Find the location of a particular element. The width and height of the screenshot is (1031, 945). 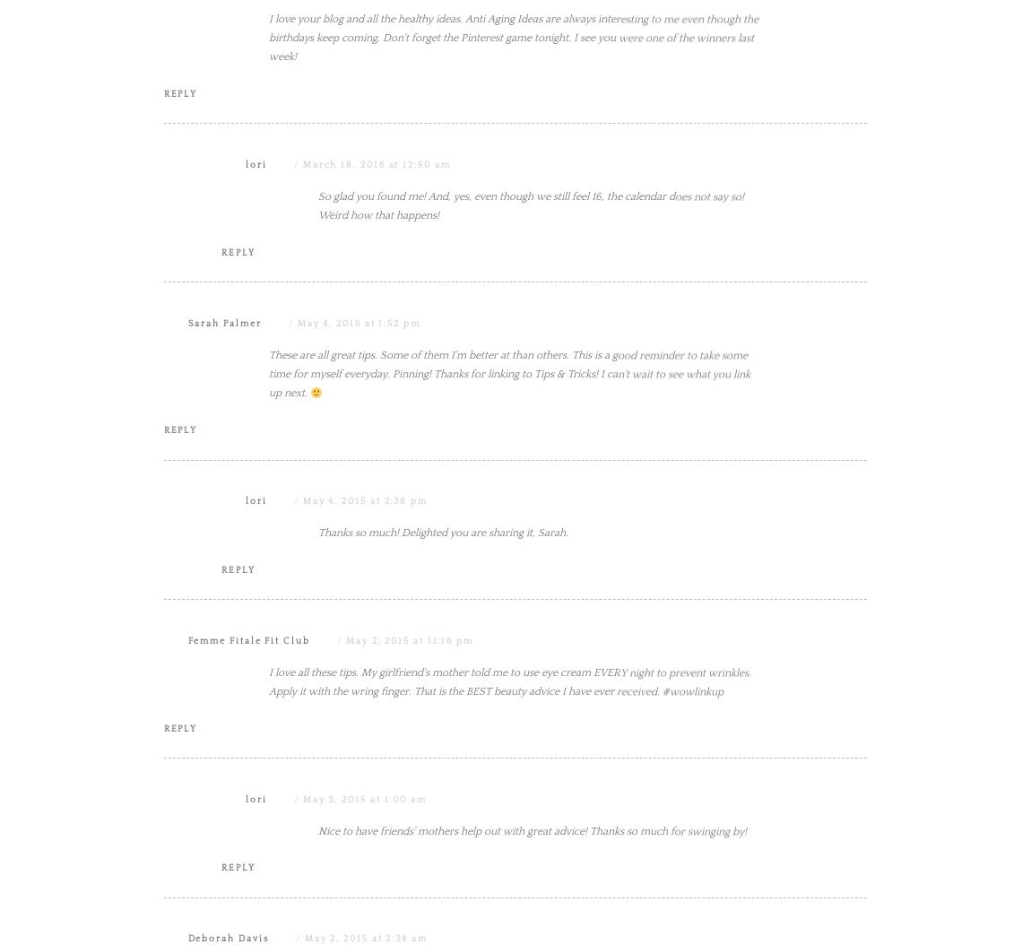

'I love all these tips.  My girlfriend's mother told me to use eye cream EVERY night to prevent wrinkles.  Apply it with the wring finger.  That is the BEST beauty advice I have ever received.  #wowlinkup' is located at coordinates (269, 862).